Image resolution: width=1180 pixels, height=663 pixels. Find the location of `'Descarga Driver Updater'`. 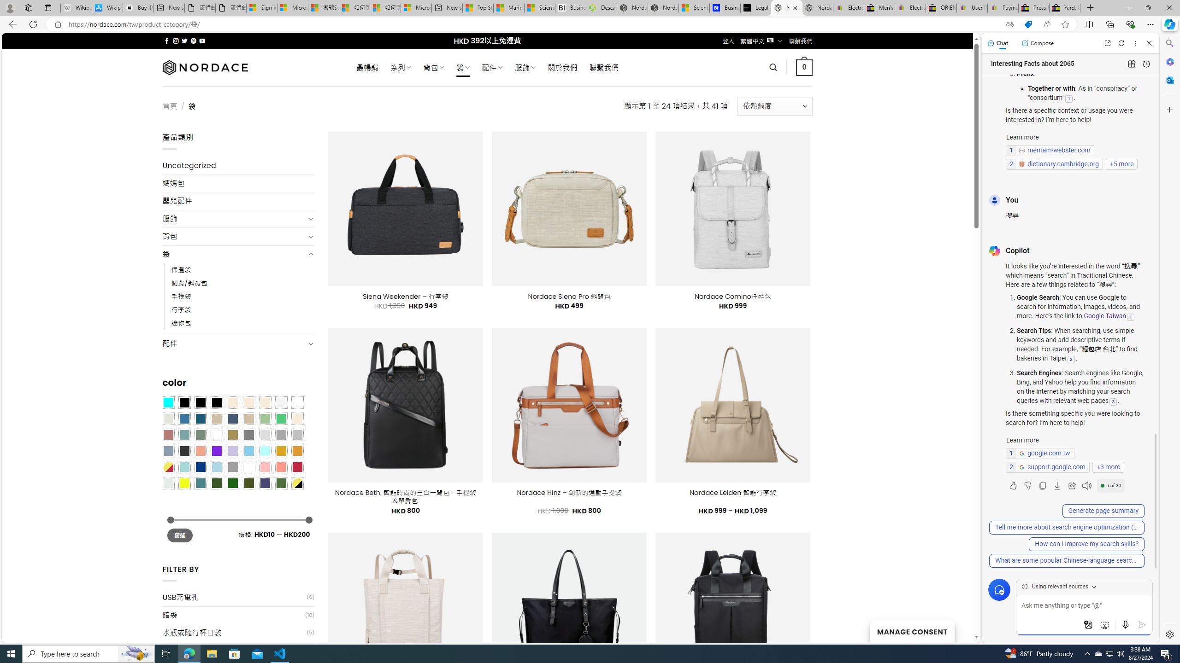

'Descarga Driver Updater' is located at coordinates (601, 7).